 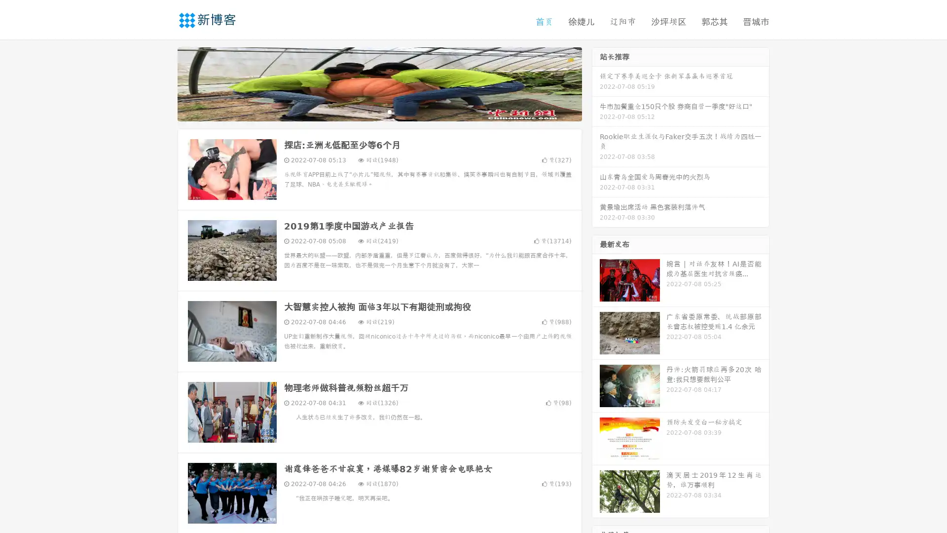 What do you see at coordinates (379, 111) in the screenshot?
I see `Go to slide 2` at bounding box center [379, 111].